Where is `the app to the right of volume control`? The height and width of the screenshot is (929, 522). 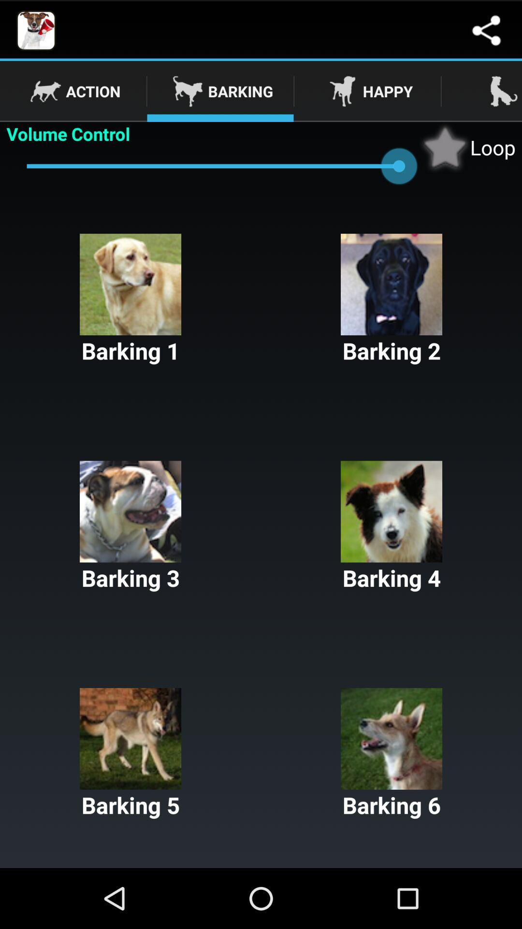 the app to the right of volume control is located at coordinates (467, 147).